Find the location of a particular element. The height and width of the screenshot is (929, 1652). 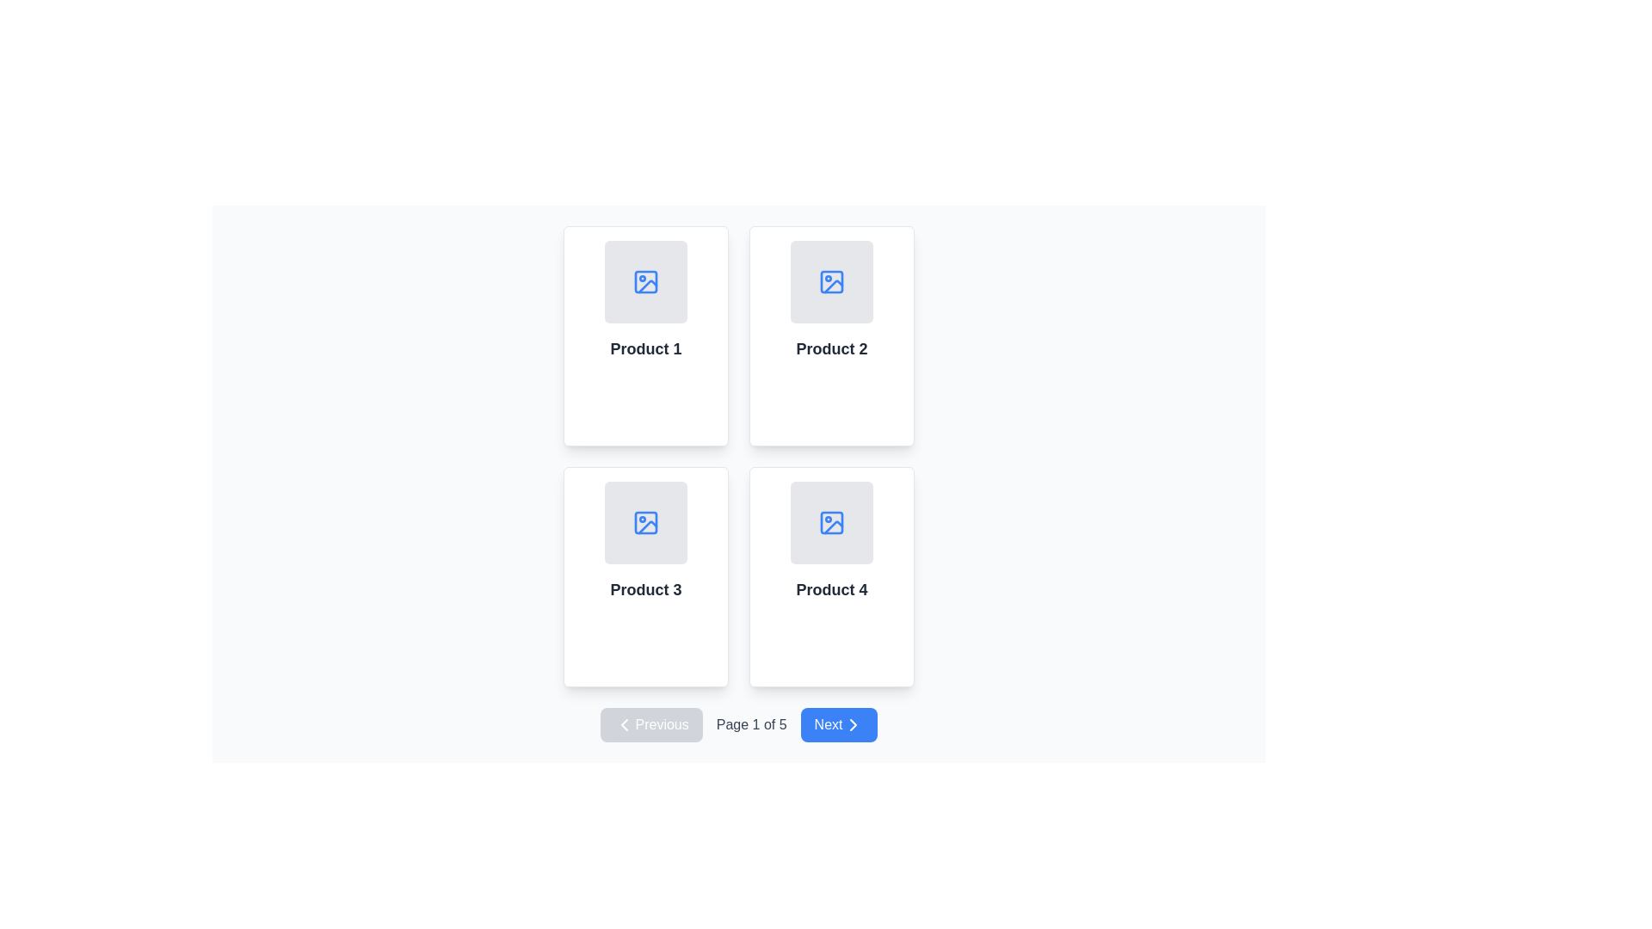

the right-pointing chevron icon within the 'Next' button, which has a blue background and white stroke lines is located at coordinates (853, 725).